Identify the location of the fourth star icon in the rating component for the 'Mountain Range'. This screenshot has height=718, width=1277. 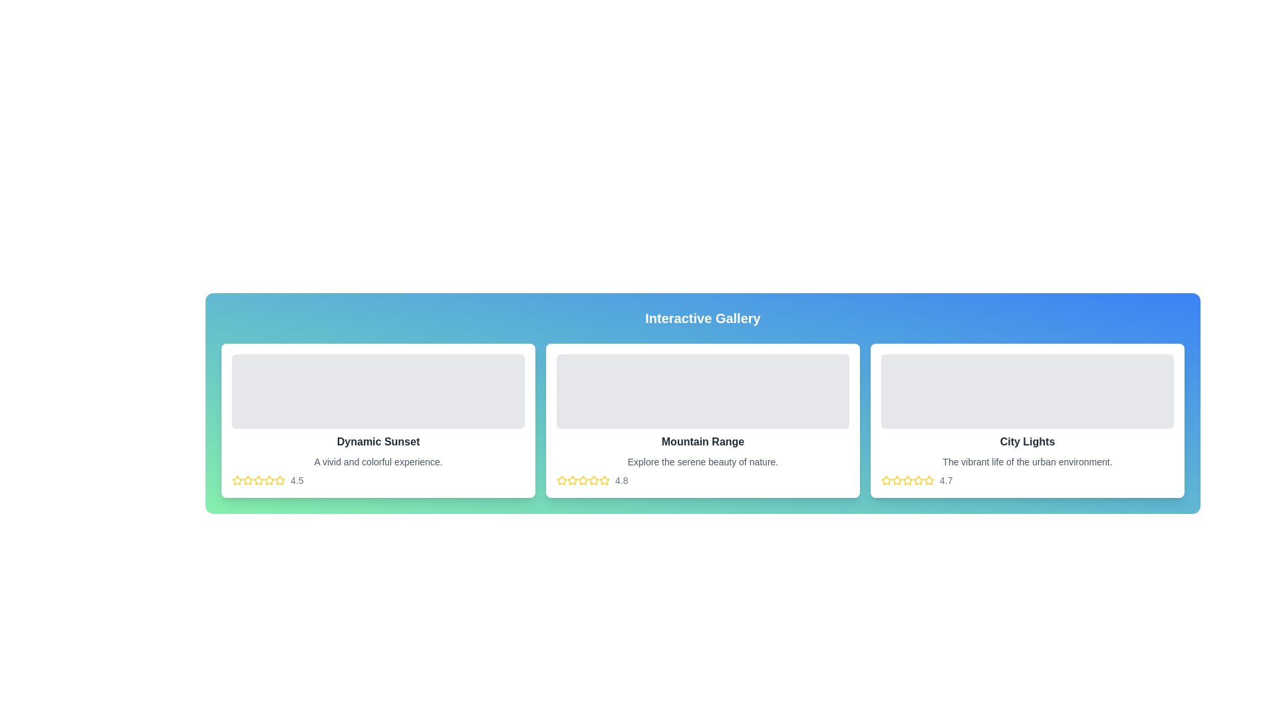
(603, 480).